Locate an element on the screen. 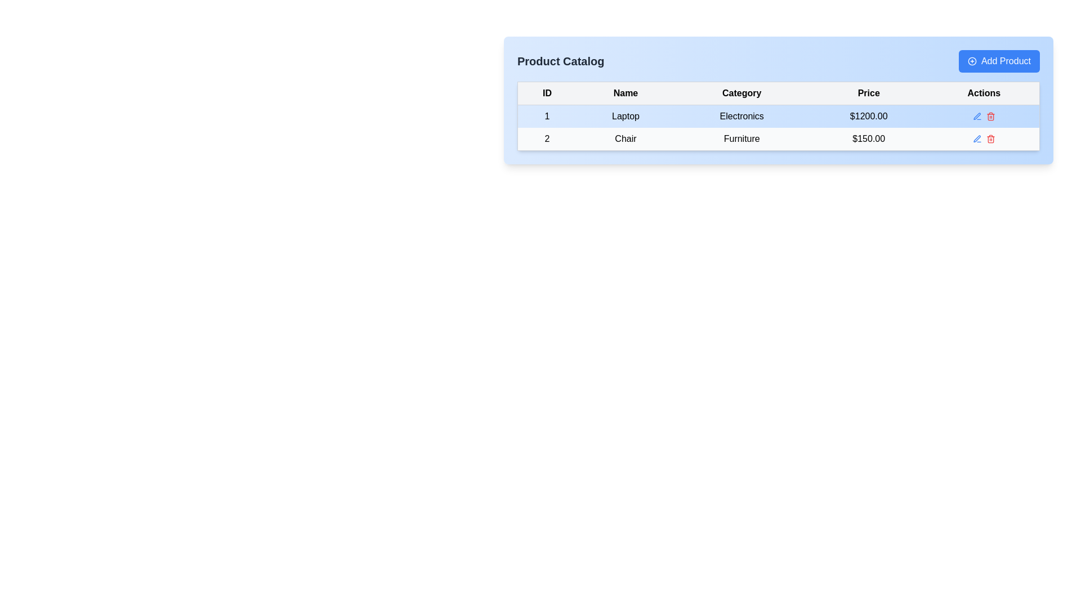  text label displaying 'Category', which is a bold black font element in the header row of the product information table is located at coordinates (741, 92).